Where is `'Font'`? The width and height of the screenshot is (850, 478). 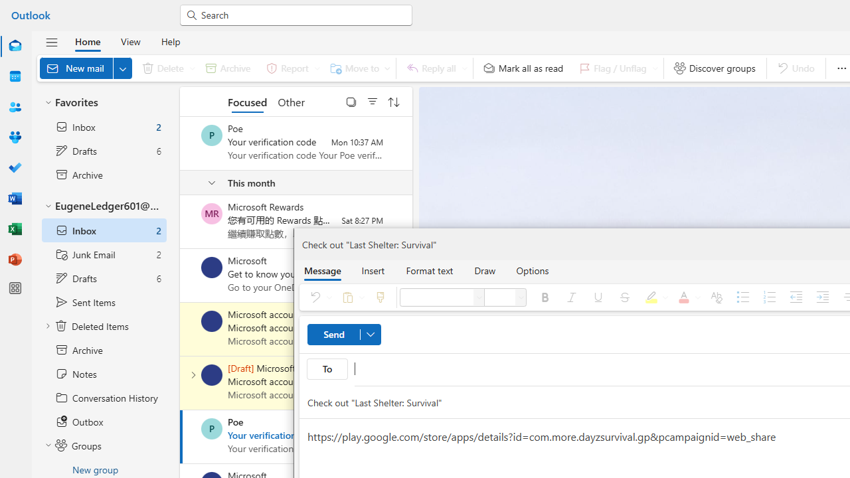
'Font' is located at coordinates (436, 297).